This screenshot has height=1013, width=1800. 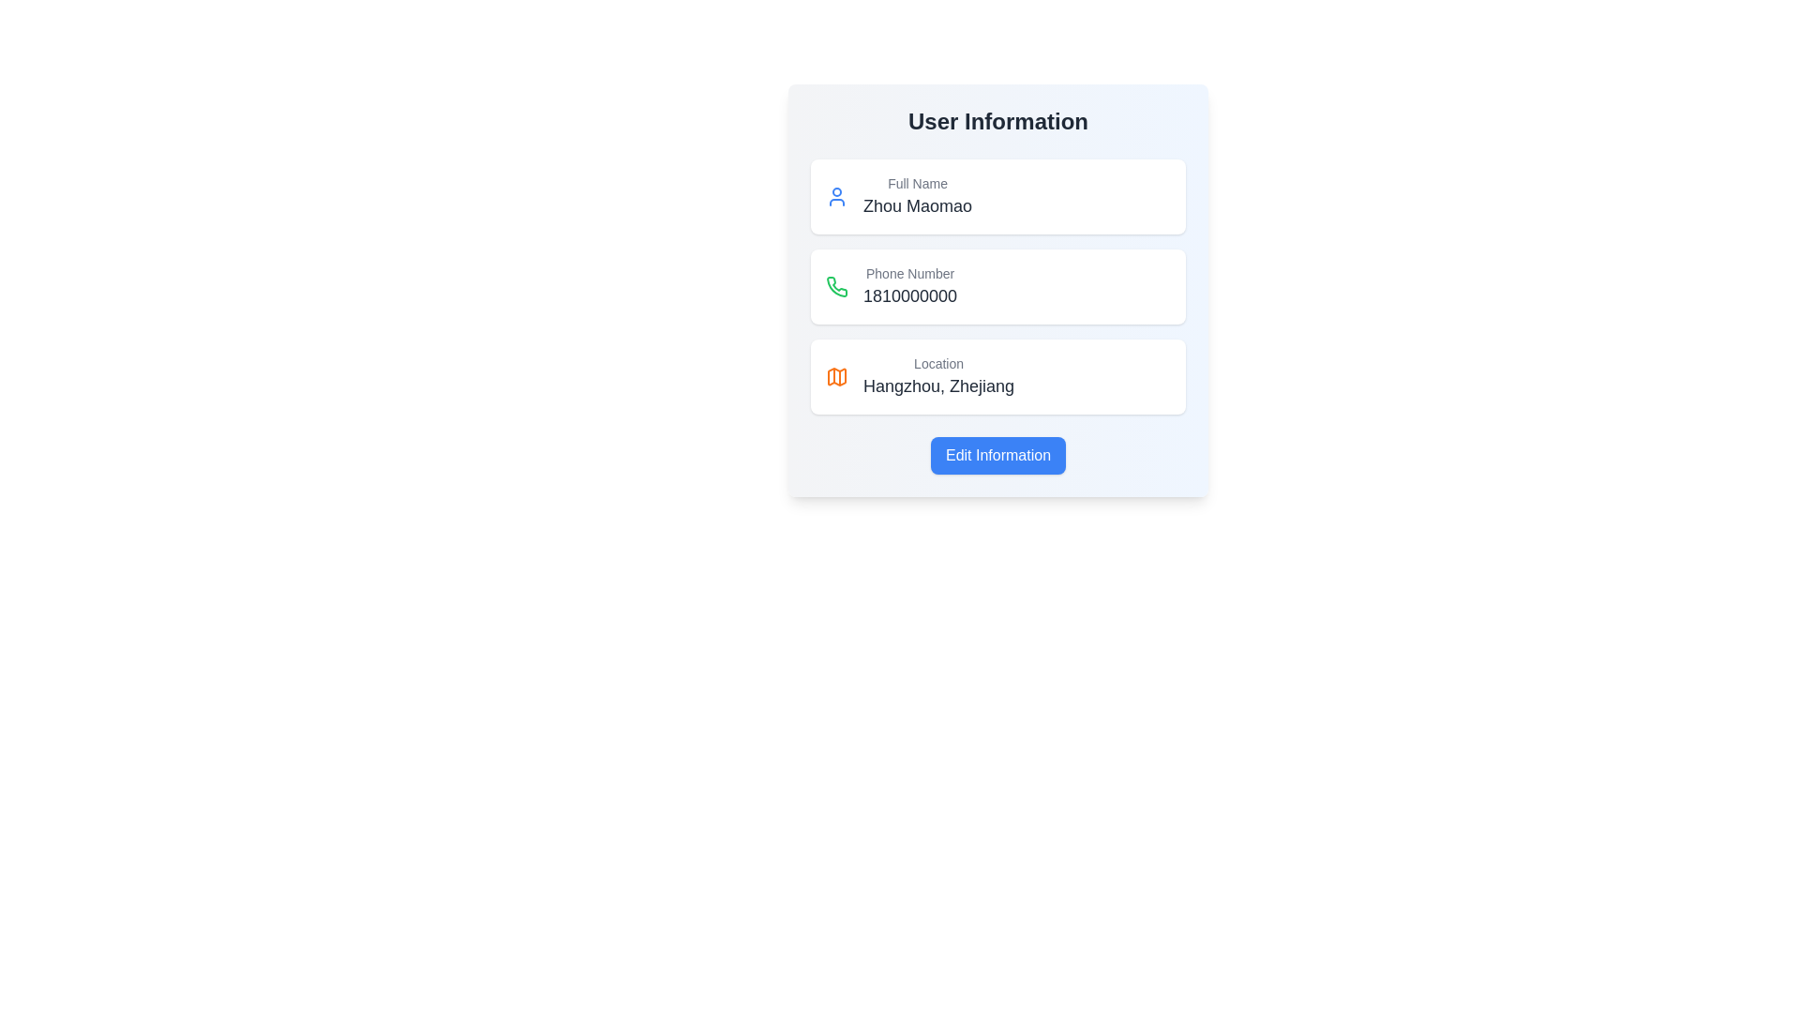 I want to click on the action button for editing user information, located at the bottom of the user details card, so click(x=997, y=456).